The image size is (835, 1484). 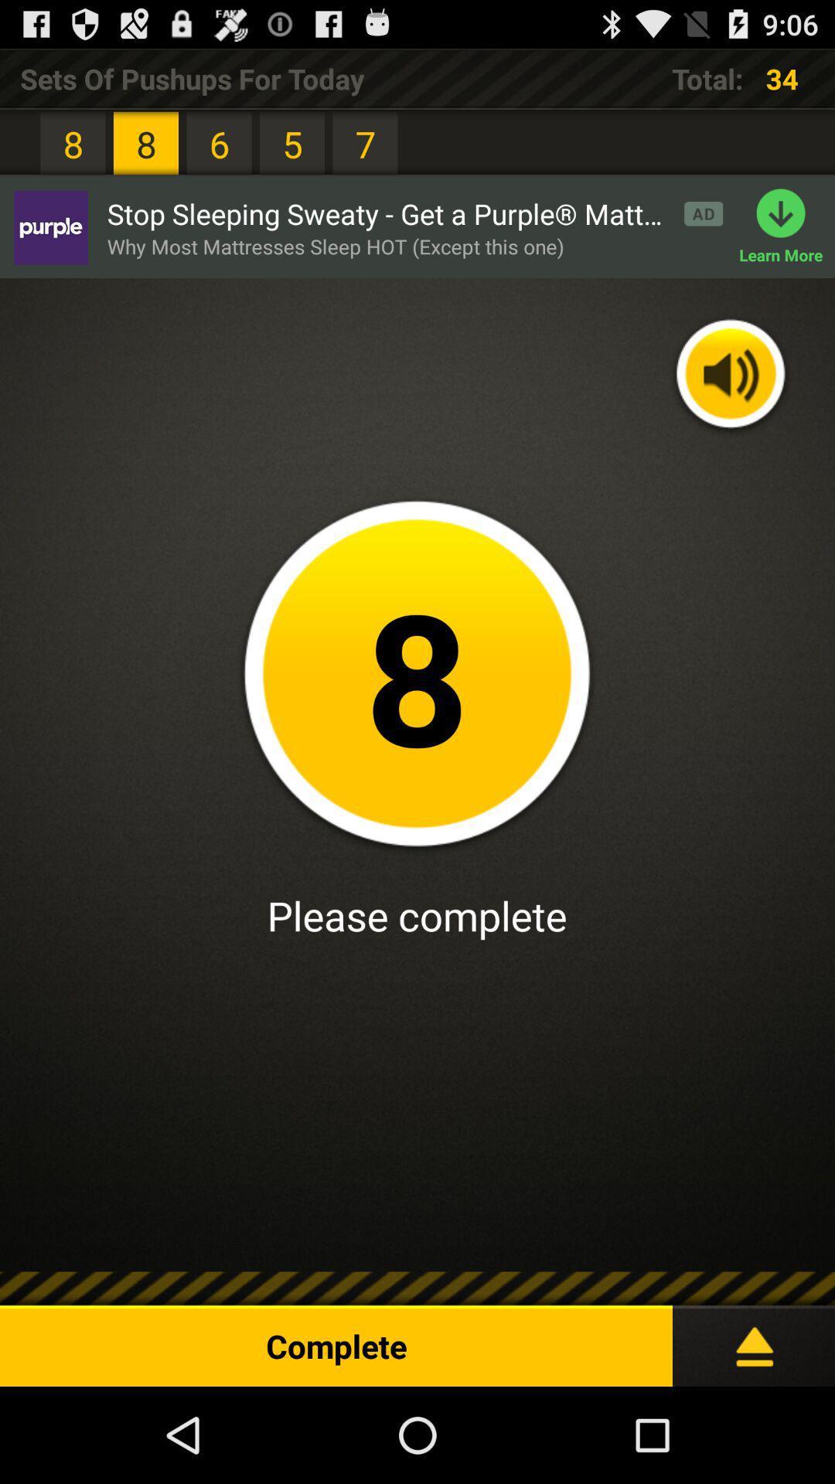 What do you see at coordinates (787, 226) in the screenshot?
I see `the icon to the right of stop sleeping sweaty icon` at bounding box center [787, 226].